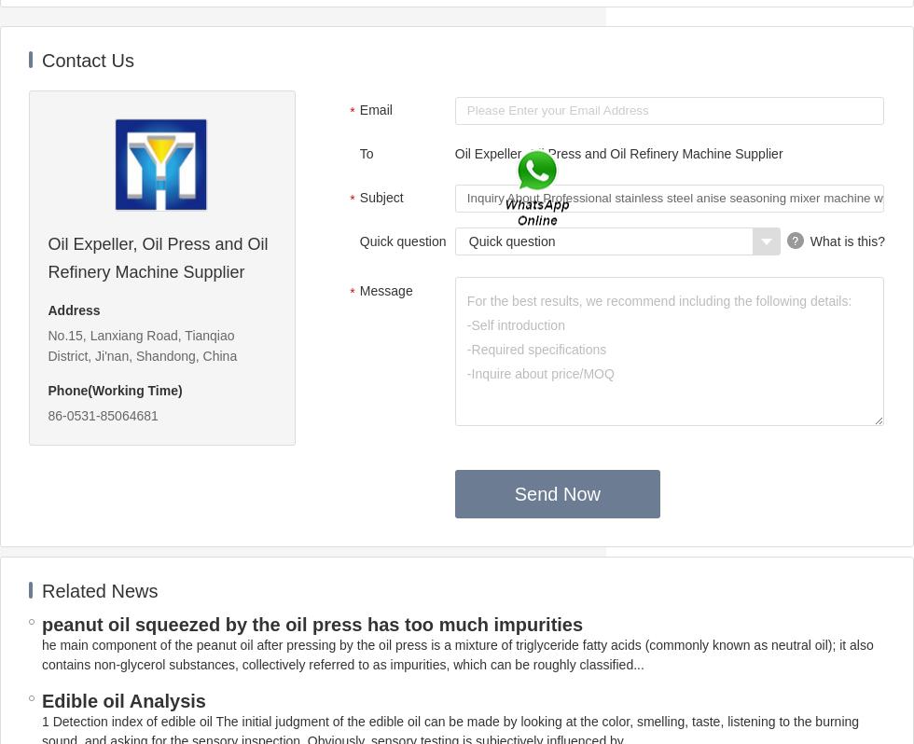 The image size is (914, 744). What do you see at coordinates (375, 109) in the screenshot?
I see `'Email'` at bounding box center [375, 109].